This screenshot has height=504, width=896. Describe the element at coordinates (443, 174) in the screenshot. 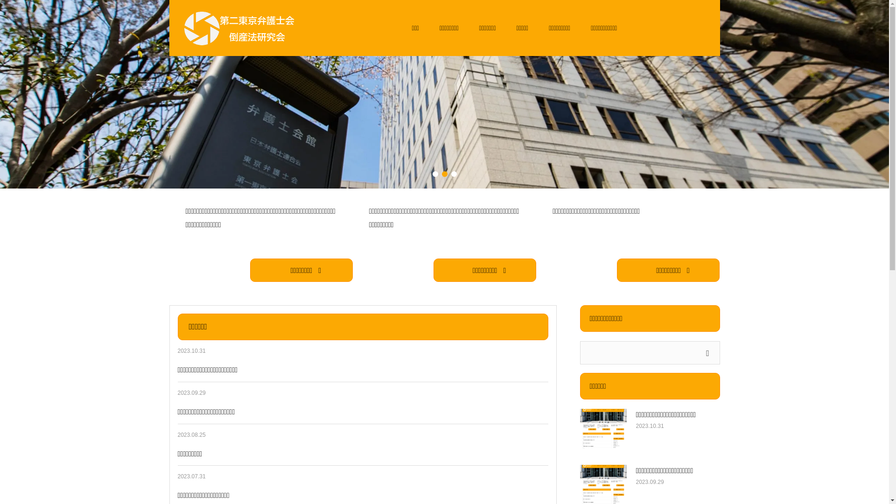

I see `'2'` at that location.